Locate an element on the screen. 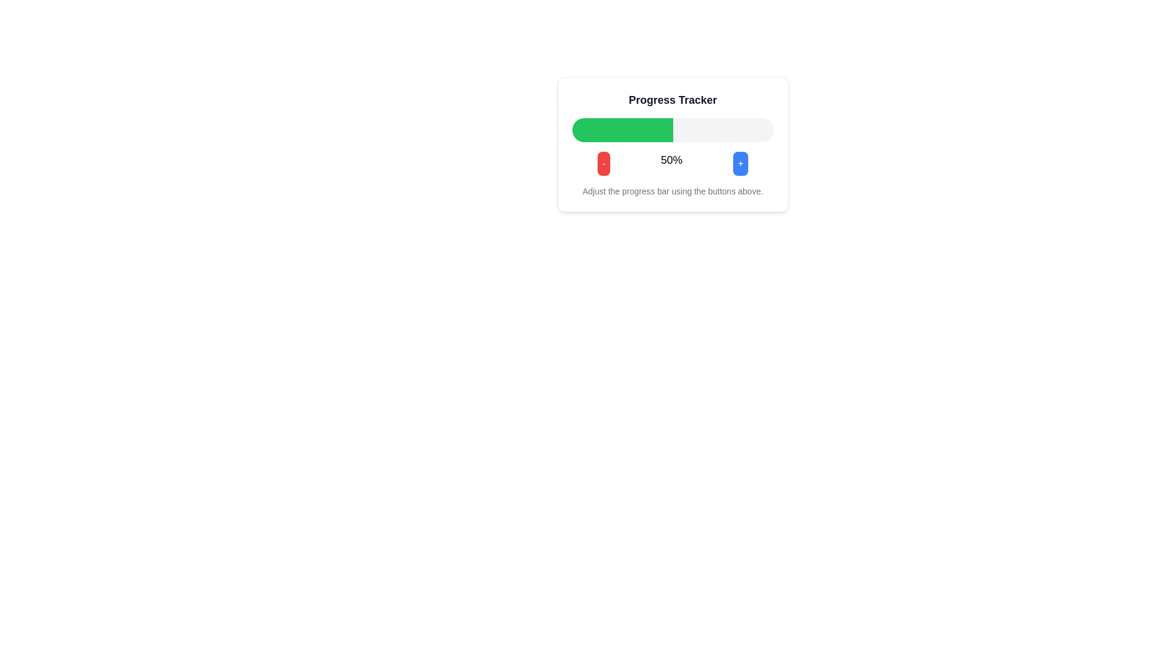  the static text label that reads 'Adjust the progress bar using the buttons above.' located at the bottom of the centered section below the progress bar and buttons is located at coordinates (673, 191).